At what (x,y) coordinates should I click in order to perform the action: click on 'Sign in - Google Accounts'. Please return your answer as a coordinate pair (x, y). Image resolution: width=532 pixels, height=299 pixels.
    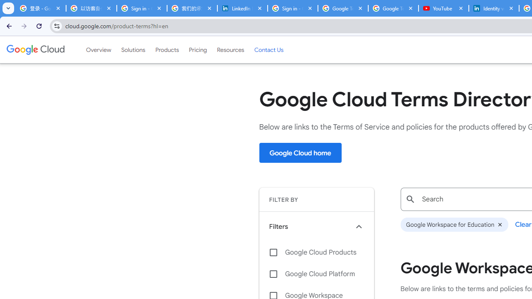
    Looking at the image, I should click on (293, 8).